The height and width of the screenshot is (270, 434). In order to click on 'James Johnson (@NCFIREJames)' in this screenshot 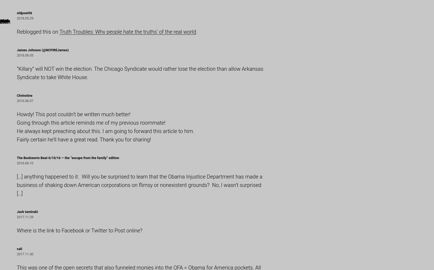, I will do `click(17, 49)`.